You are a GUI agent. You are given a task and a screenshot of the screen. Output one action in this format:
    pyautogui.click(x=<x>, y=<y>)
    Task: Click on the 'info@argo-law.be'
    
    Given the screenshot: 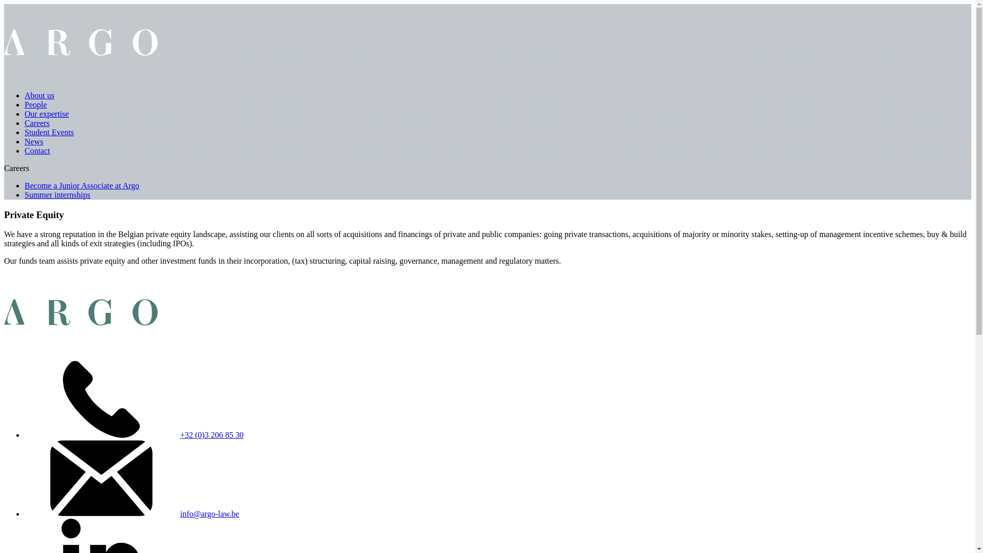 What is the action you would take?
    pyautogui.click(x=209, y=514)
    